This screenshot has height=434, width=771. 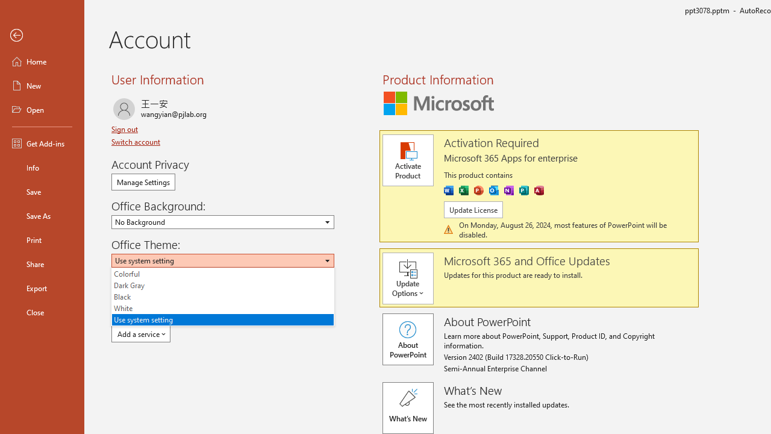 I want to click on 'About PowerPoint', so click(x=408, y=339).